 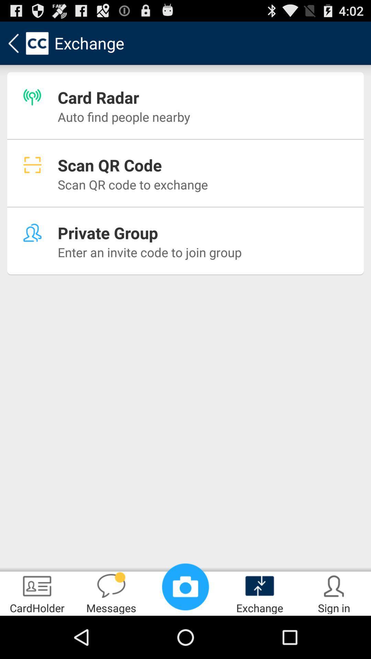 What do you see at coordinates (185, 628) in the screenshot?
I see `the photo icon` at bounding box center [185, 628].